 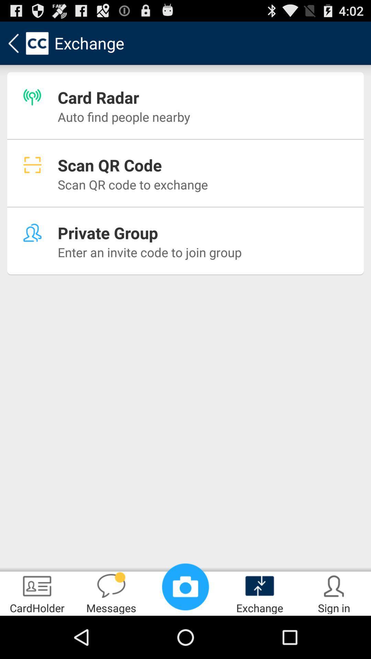 What do you see at coordinates (185, 628) in the screenshot?
I see `the photo icon` at bounding box center [185, 628].